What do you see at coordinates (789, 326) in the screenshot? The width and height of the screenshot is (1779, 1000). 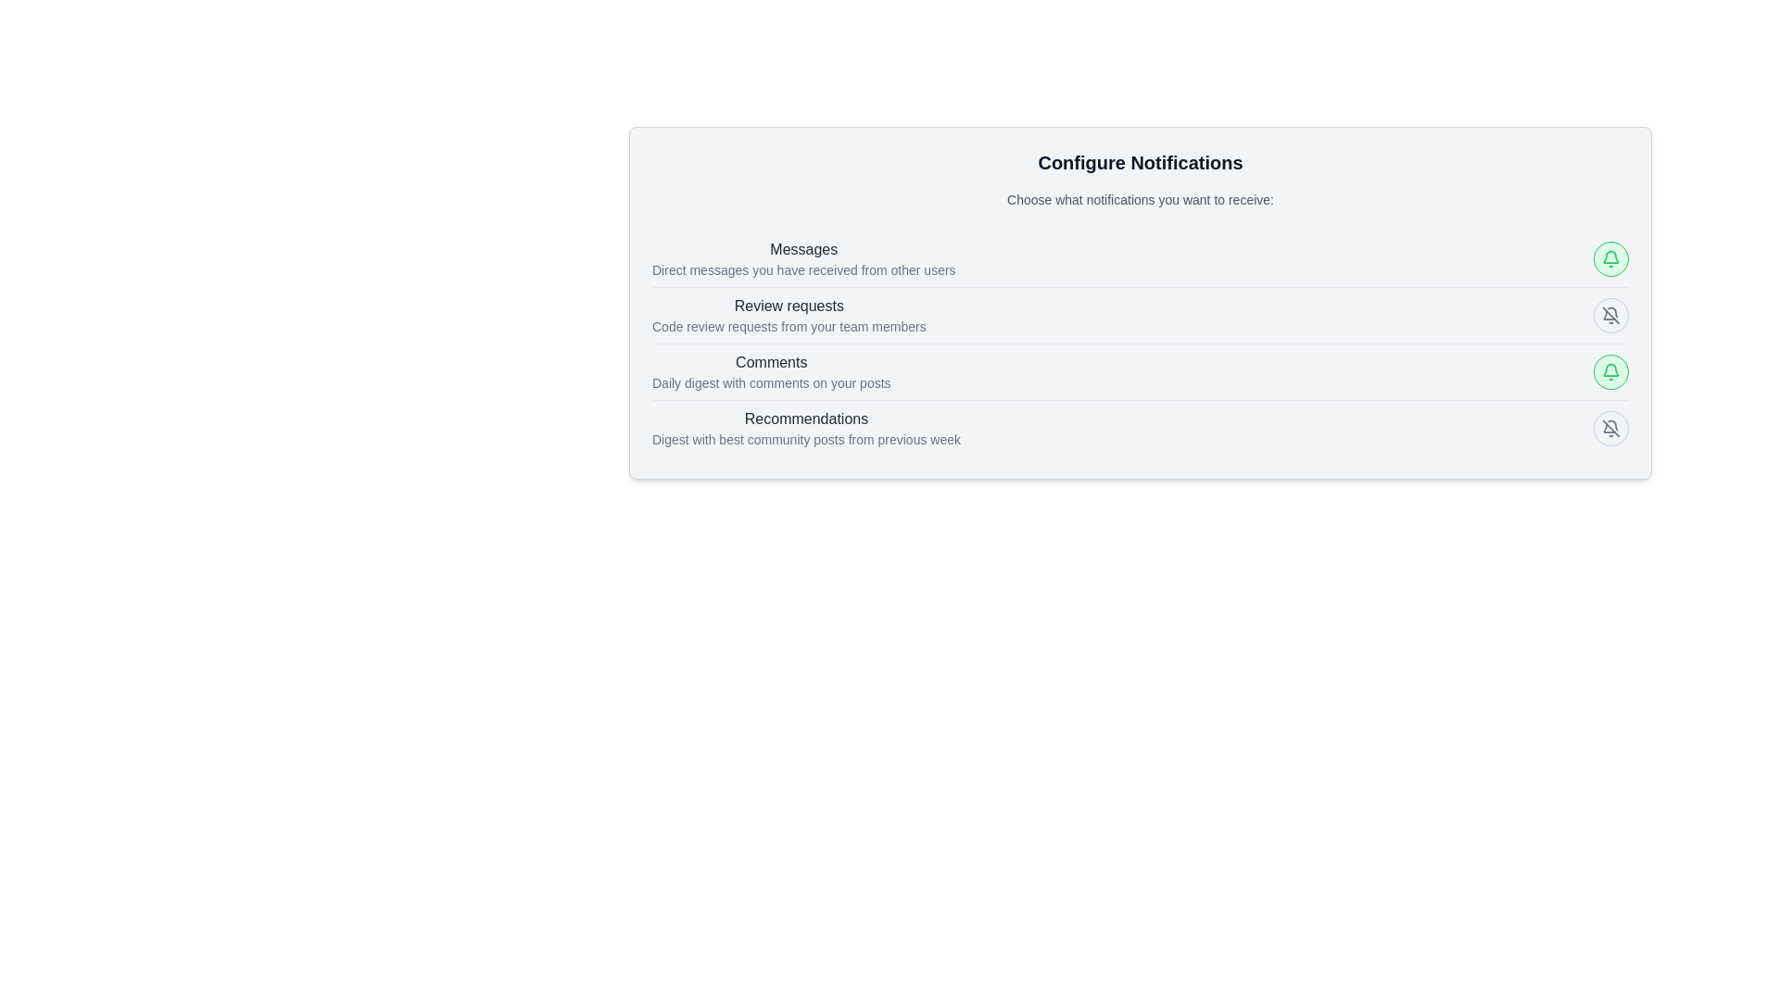 I see `the text 'Code review requests from your team members', which is styled in a smaller and lighter font, located directly below the 'Review requests' heading in the 'Configure Notifications' section` at bounding box center [789, 326].